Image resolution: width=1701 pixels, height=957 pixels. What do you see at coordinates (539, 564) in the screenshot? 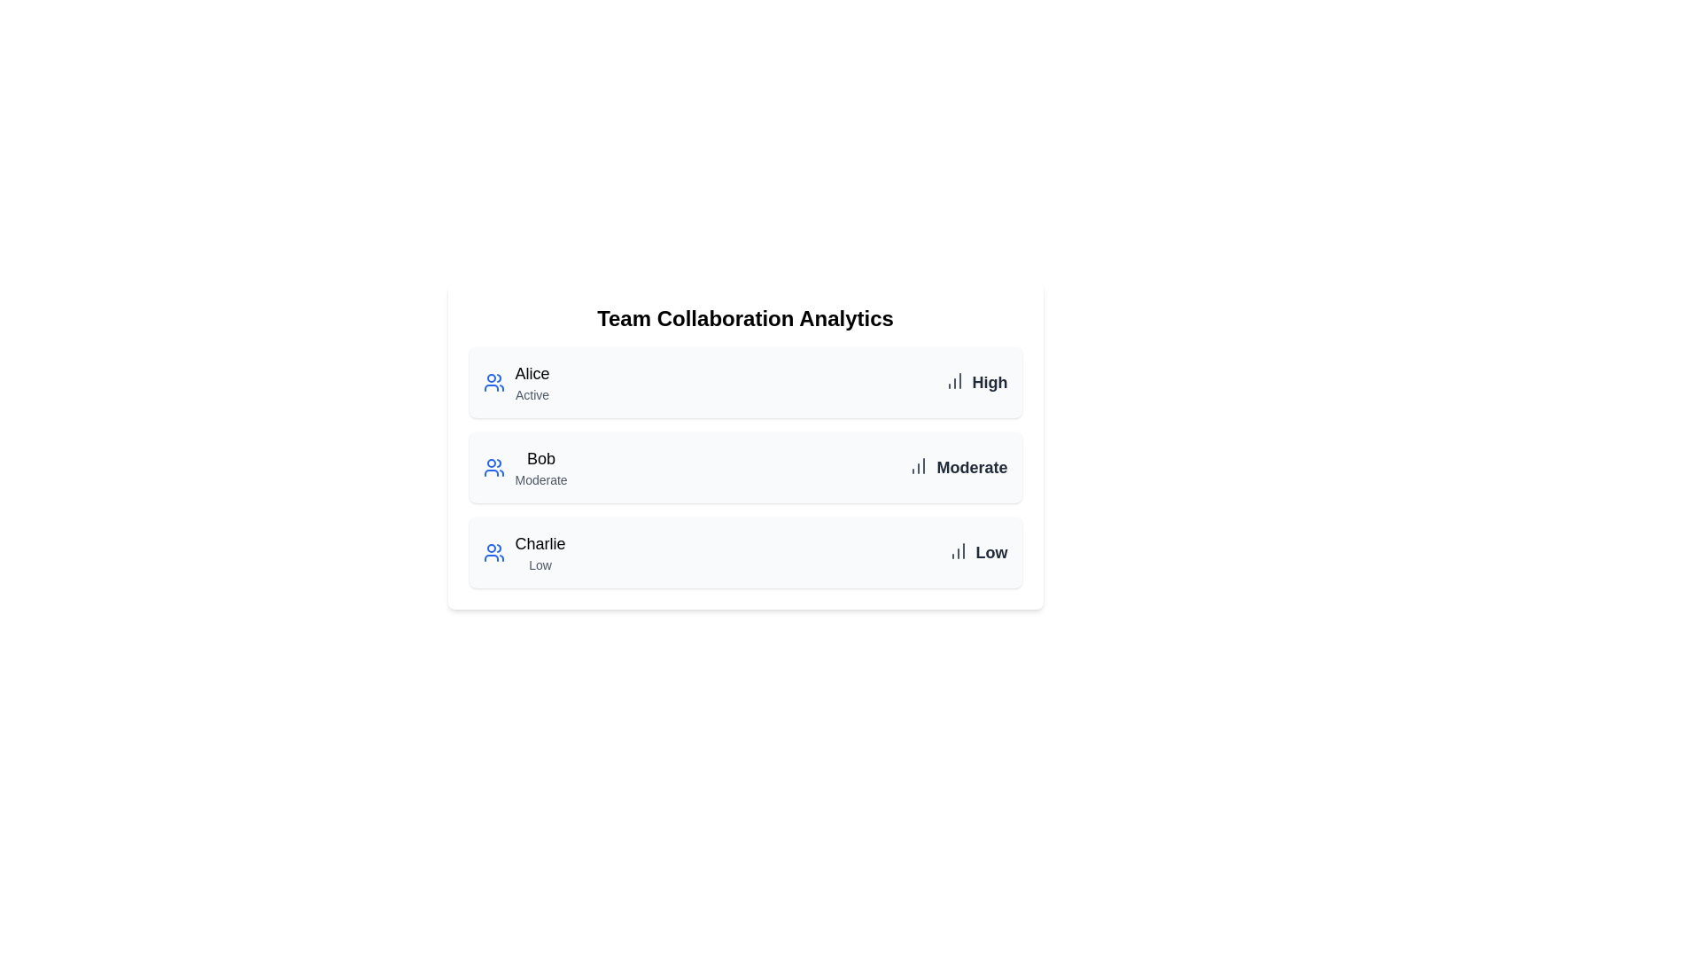
I see `the activity status text for Charlie` at bounding box center [539, 564].